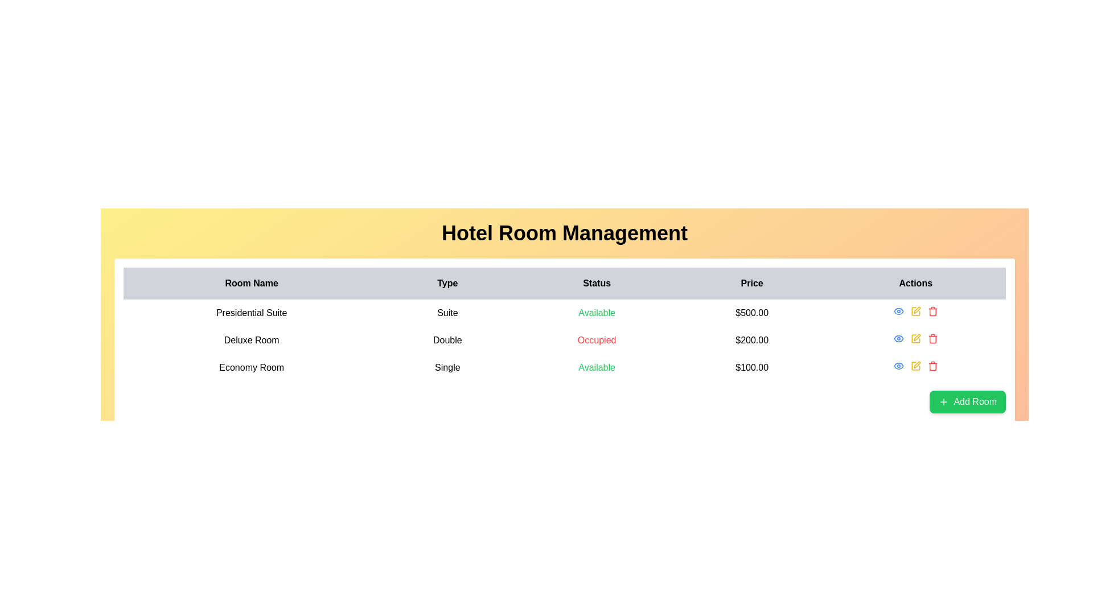  I want to click on the first clickable icon in the 'Actions' column of the table associated with the 'Presidential Suite', so click(898, 338).